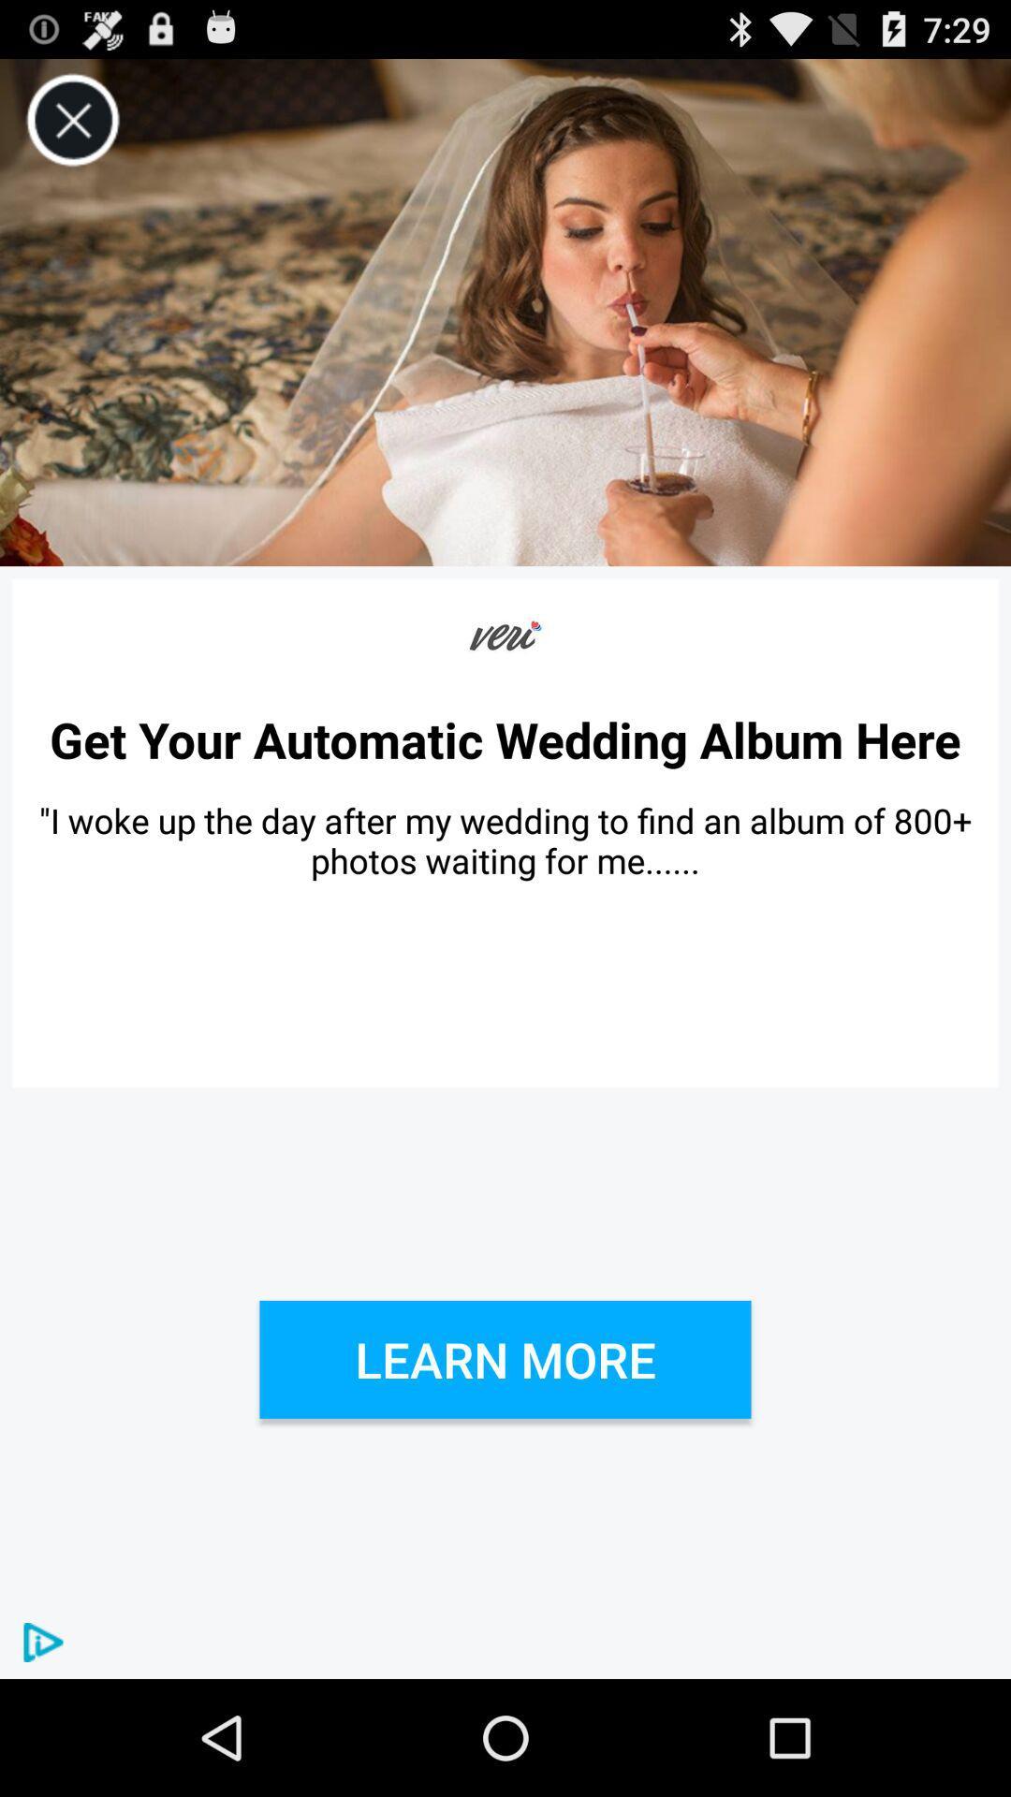 This screenshot has height=1797, width=1011. Describe the element at coordinates (72, 128) in the screenshot. I see `the close icon` at that location.